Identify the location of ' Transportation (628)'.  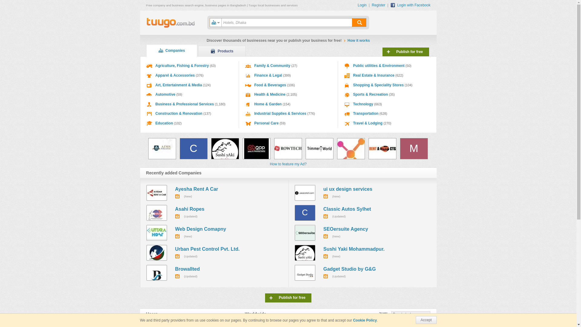
(387, 114).